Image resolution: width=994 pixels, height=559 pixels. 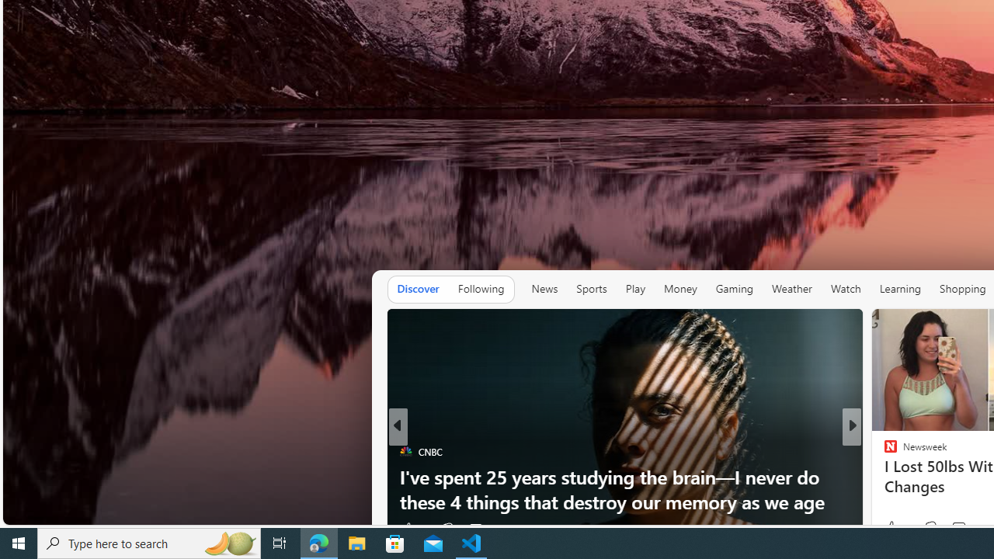 I want to click on '51 Like', so click(x=892, y=528).